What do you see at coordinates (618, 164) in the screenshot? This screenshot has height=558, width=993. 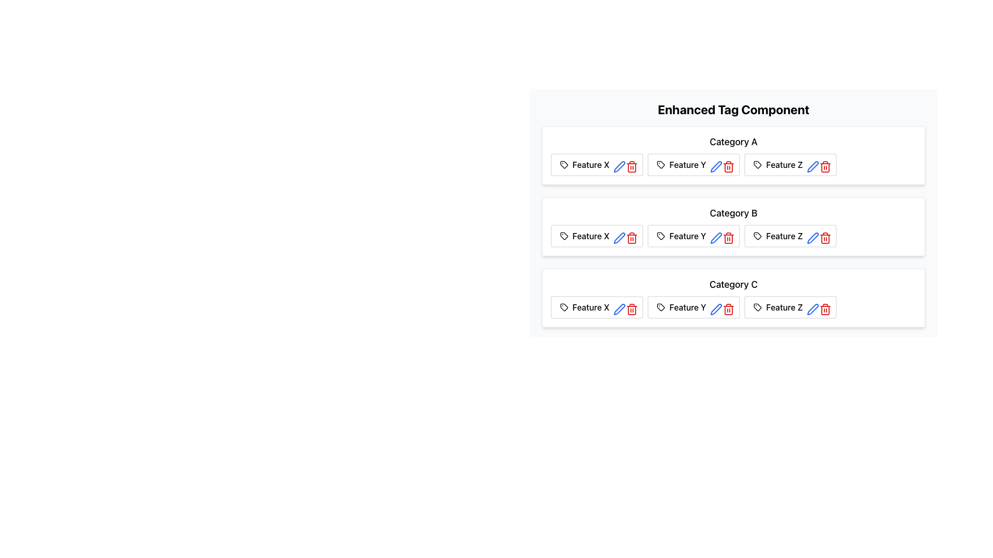 I see `the interactive button for editing 'Feature X', which is located between the 'Feature X' label and a red trash can icon` at bounding box center [618, 164].